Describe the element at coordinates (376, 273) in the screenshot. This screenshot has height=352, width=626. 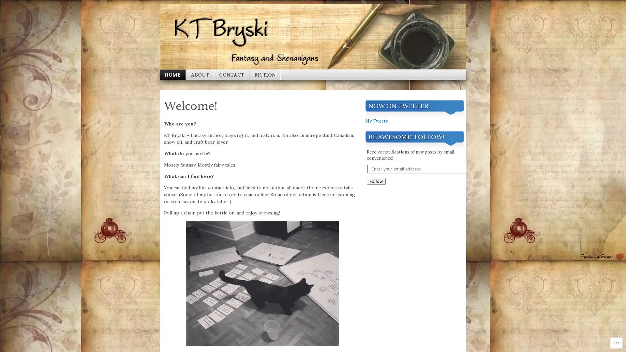
I see `Follow` at that location.